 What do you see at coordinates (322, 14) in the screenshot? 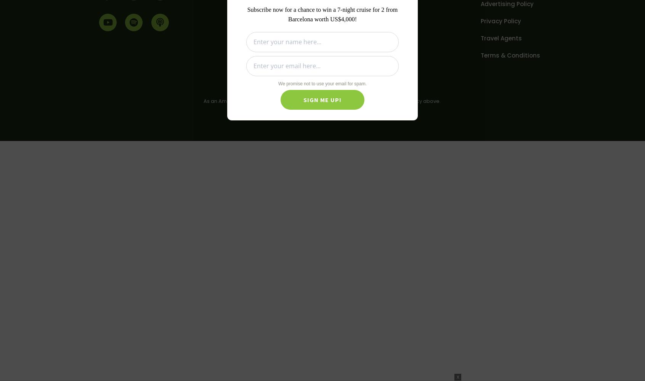
I see `'Subscribe now for a chance to win a 7-night cruise for 2 from Barcelona worth US$4,000!'` at bounding box center [322, 14].